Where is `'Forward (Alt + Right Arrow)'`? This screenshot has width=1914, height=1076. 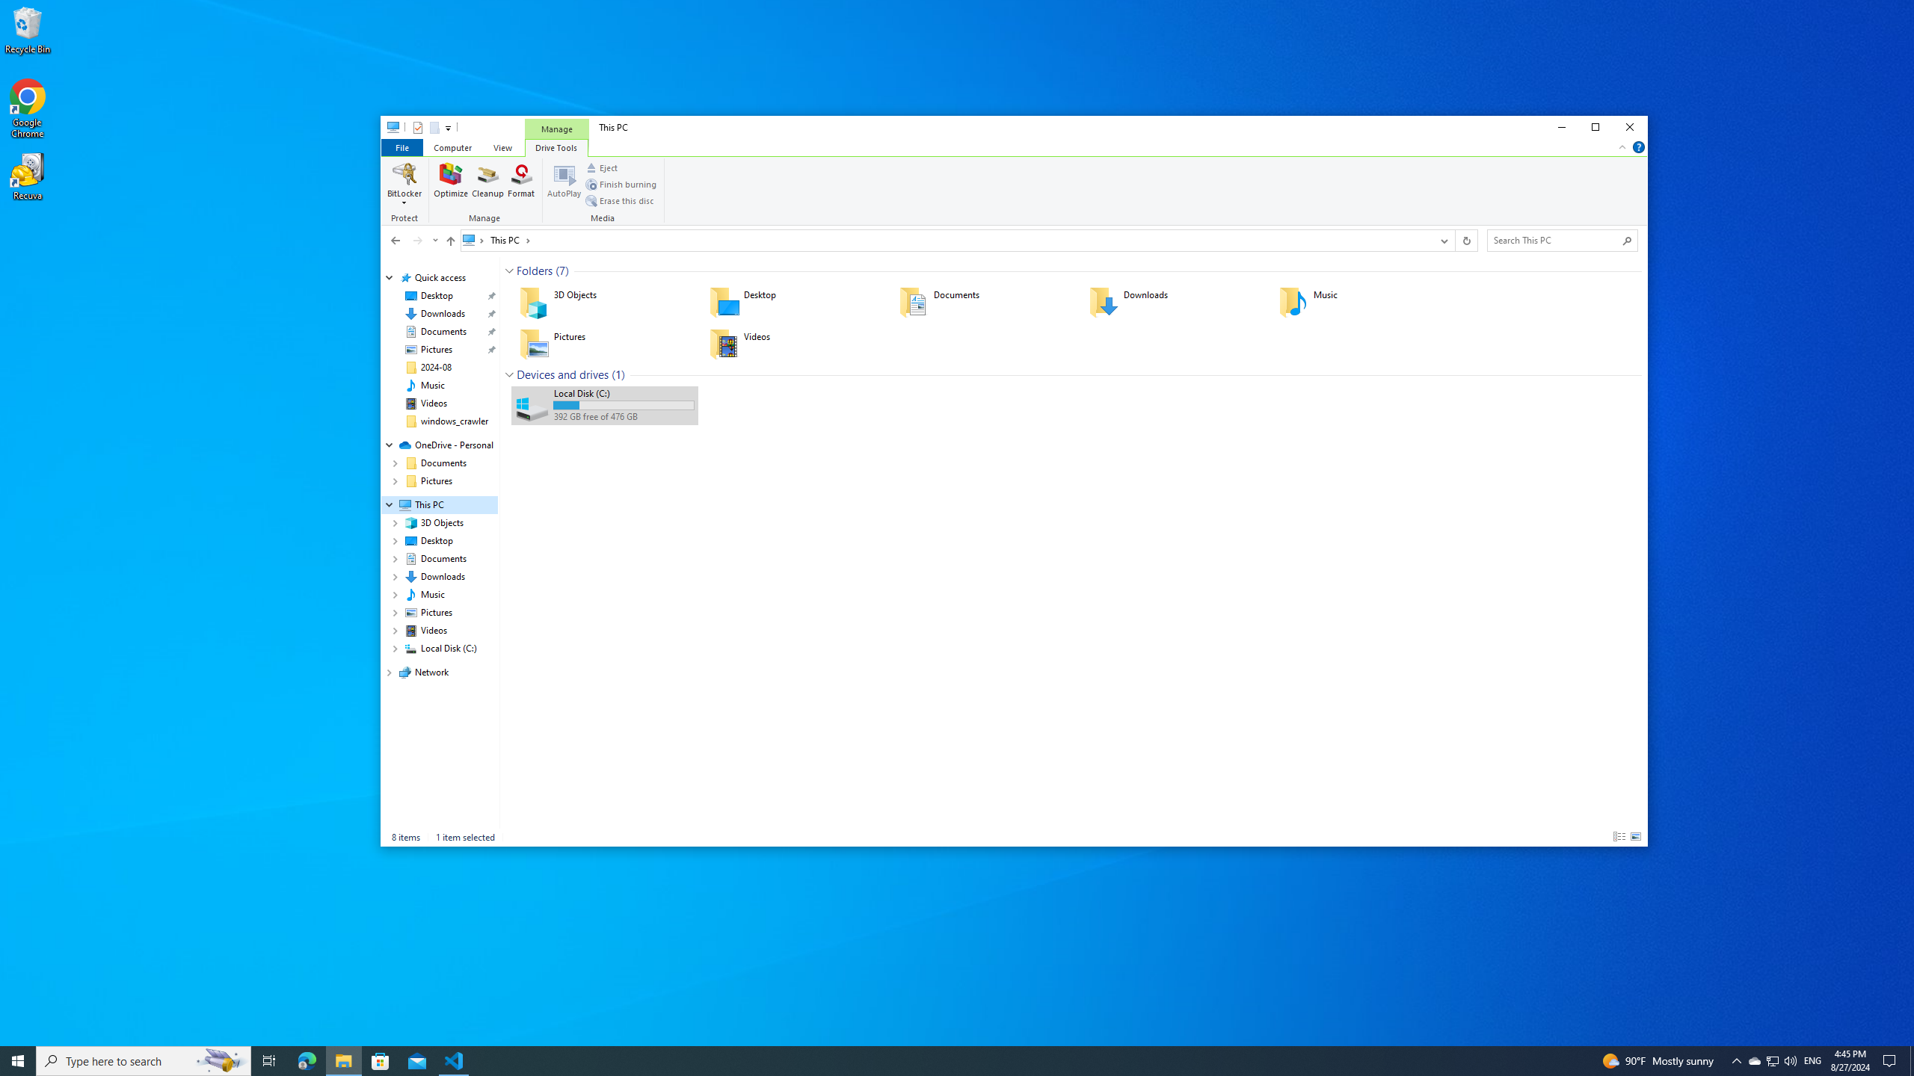 'Forward (Alt + Right Arrow)' is located at coordinates (417, 240).